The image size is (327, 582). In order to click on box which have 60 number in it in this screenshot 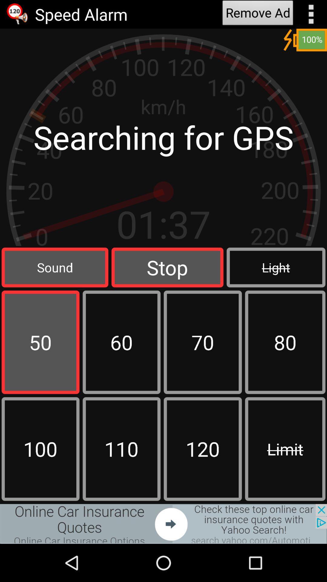, I will do `click(121, 342)`.